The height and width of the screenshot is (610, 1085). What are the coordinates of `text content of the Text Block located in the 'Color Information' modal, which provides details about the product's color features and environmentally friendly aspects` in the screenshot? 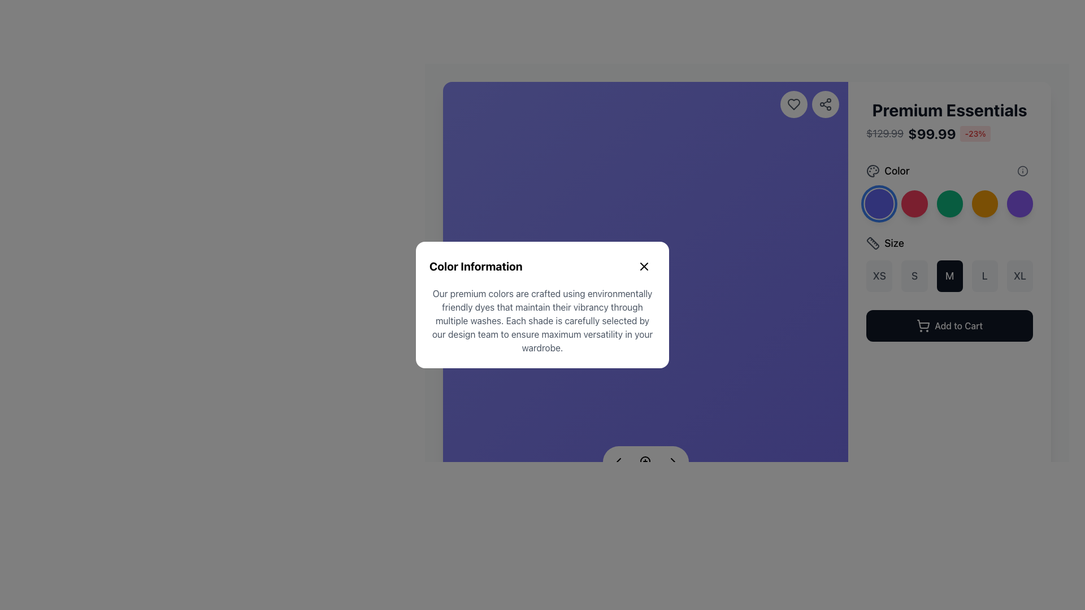 It's located at (542, 320).